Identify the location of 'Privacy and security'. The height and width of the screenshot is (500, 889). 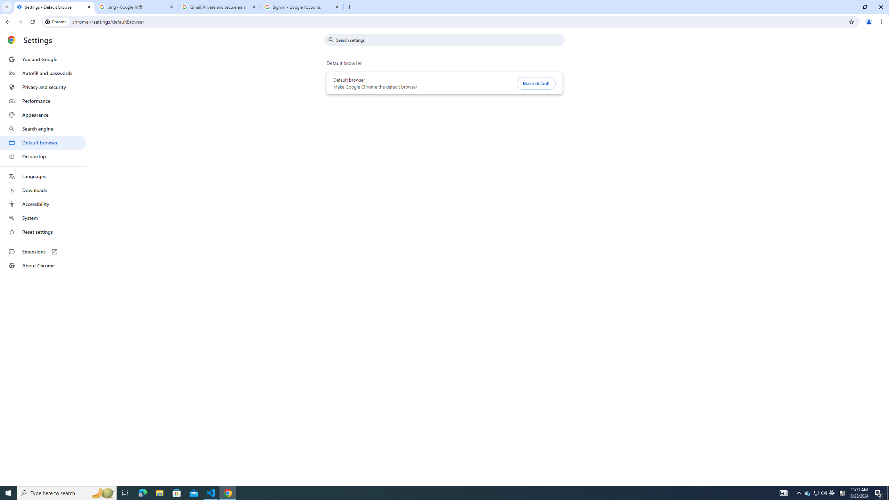
(43, 86).